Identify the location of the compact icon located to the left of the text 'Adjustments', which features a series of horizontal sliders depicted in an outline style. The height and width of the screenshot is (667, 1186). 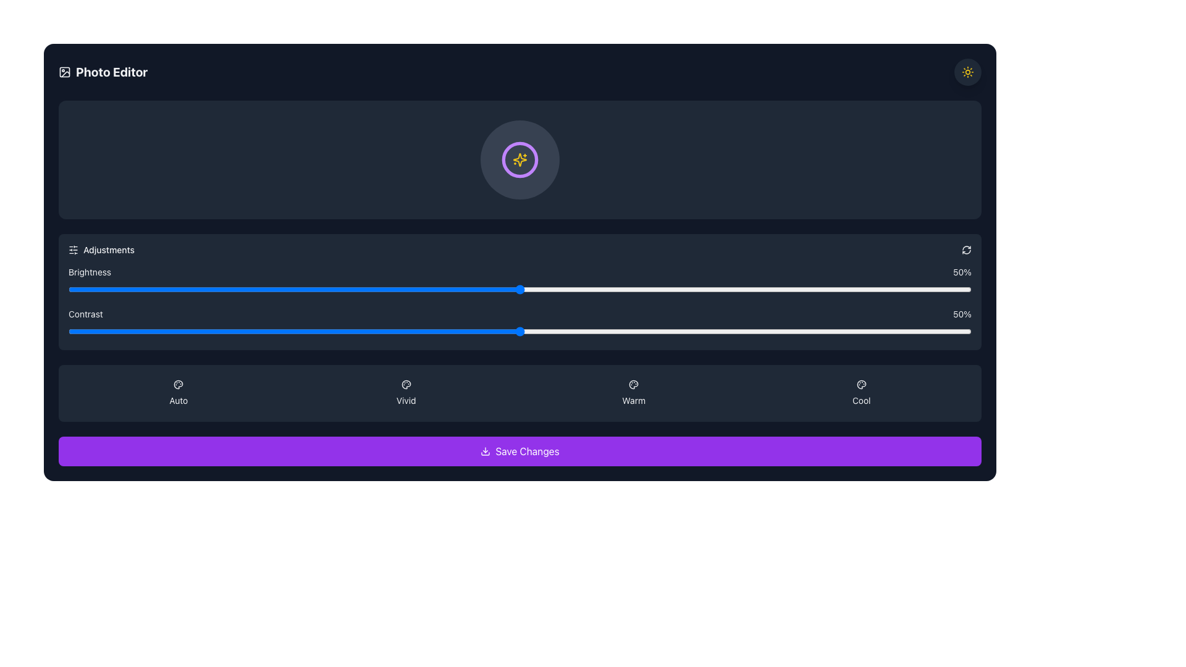
(73, 250).